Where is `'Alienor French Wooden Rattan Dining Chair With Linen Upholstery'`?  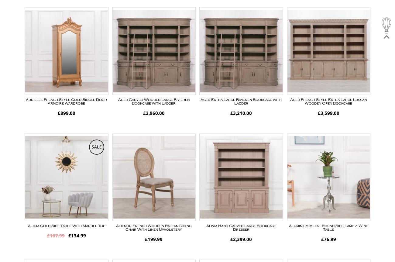 'Alienor French Wooden Rattan Dining Chair With Linen Upholstery' is located at coordinates (116, 227).